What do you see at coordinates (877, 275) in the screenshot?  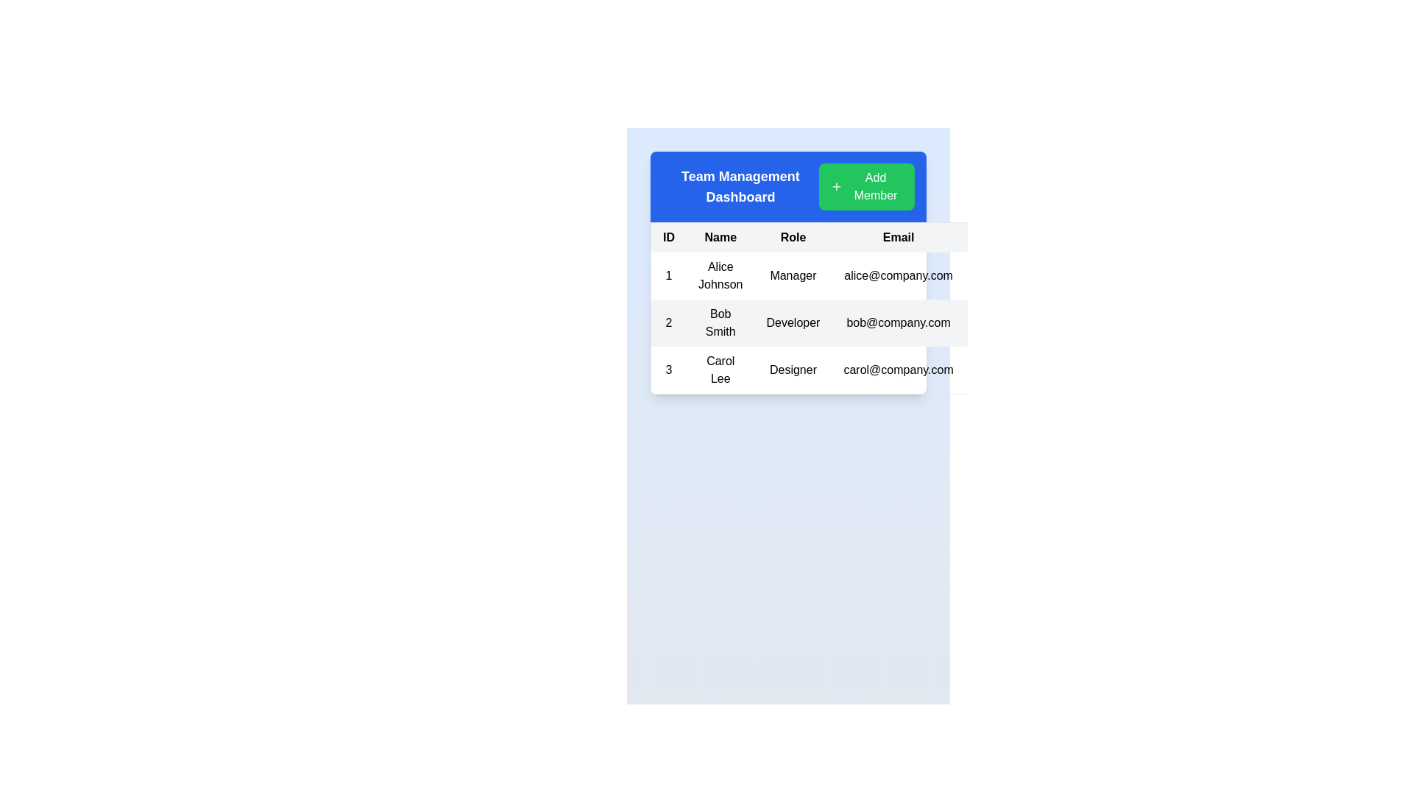 I see `the first row of the table containing ID '1', Name 'Alice Johnson', Role 'Manager', and Email 'alice@company.com'` at bounding box center [877, 275].